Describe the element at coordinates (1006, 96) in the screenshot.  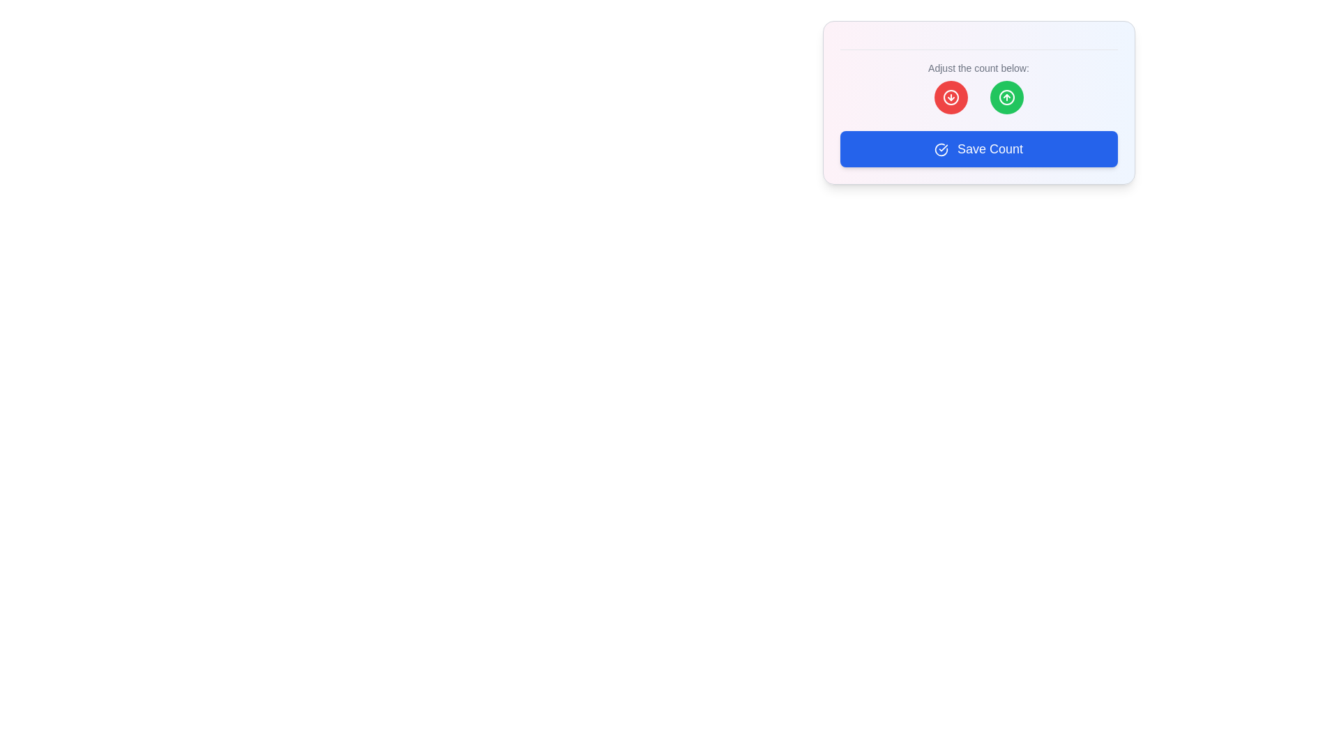
I see `the second interactive button in the card interface that is used to increment or increase a count, located to the right of the red button with a downward-pointing arrow` at that location.